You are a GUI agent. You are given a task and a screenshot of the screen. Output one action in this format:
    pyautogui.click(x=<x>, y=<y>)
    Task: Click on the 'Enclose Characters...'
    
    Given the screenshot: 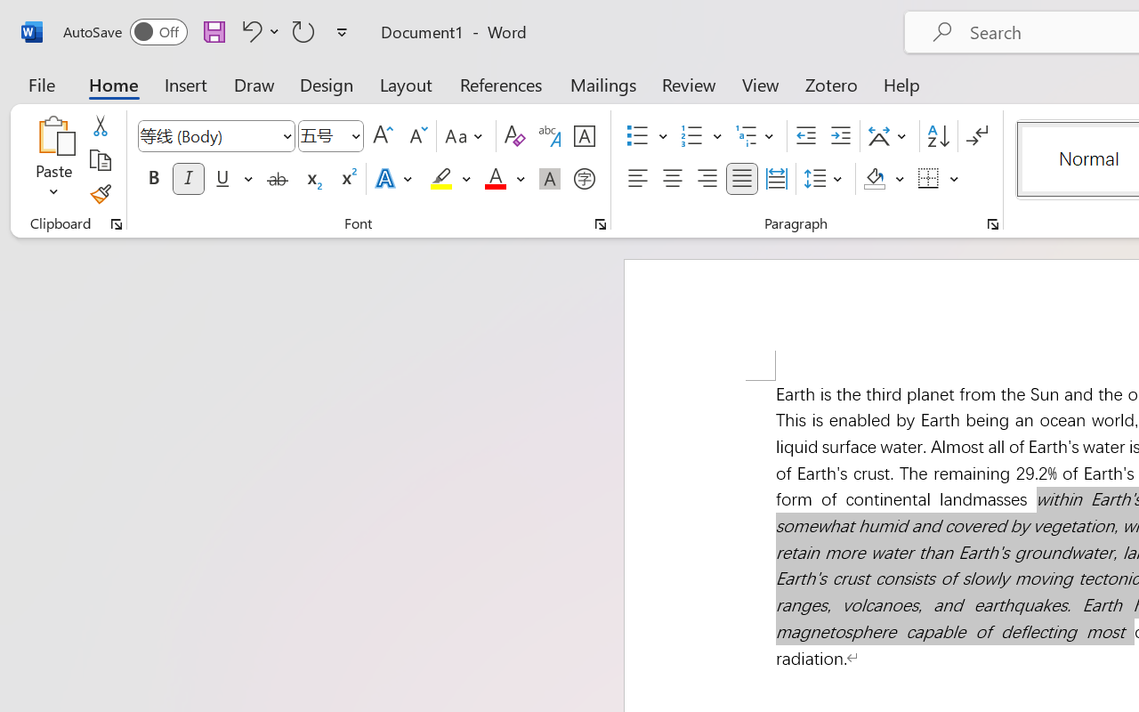 What is the action you would take?
    pyautogui.click(x=584, y=179)
    